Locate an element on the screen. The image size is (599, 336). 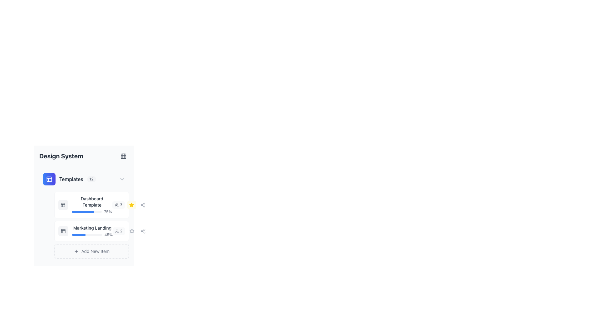
the 'Templates' text label, which is styled with a medium font weight and dark gray color, located on the left side of a section header next to a badge displaying the number '12' is located at coordinates (71, 179).